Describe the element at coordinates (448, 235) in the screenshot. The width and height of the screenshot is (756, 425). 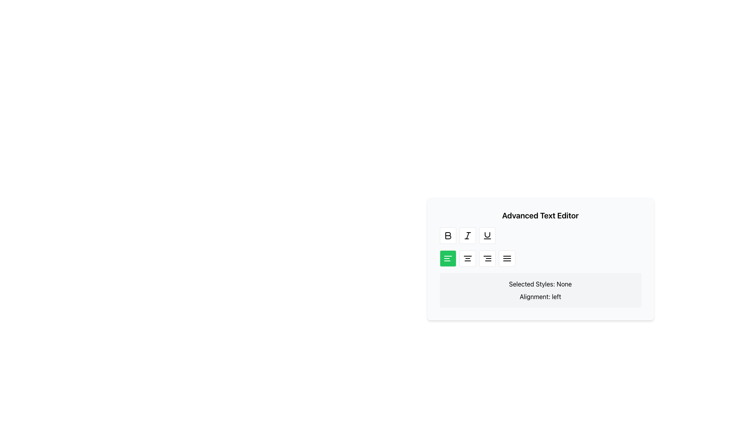
I see `the bold 'B' icon button located in the toolbar below the 'Advanced Text Editor' header` at that location.